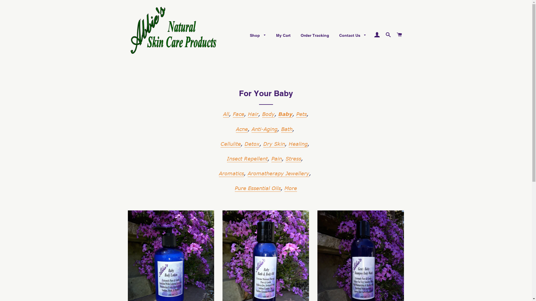 Image resolution: width=536 pixels, height=301 pixels. What do you see at coordinates (301, 114) in the screenshot?
I see `'Pets'` at bounding box center [301, 114].